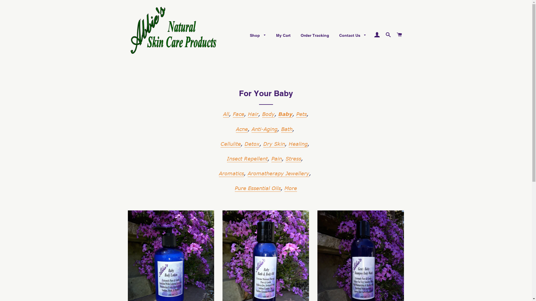 Image resolution: width=536 pixels, height=301 pixels. What do you see at coordinates (301, 114) in the screenshot?
I see `'Pets'` at bounding box center [301, 114].